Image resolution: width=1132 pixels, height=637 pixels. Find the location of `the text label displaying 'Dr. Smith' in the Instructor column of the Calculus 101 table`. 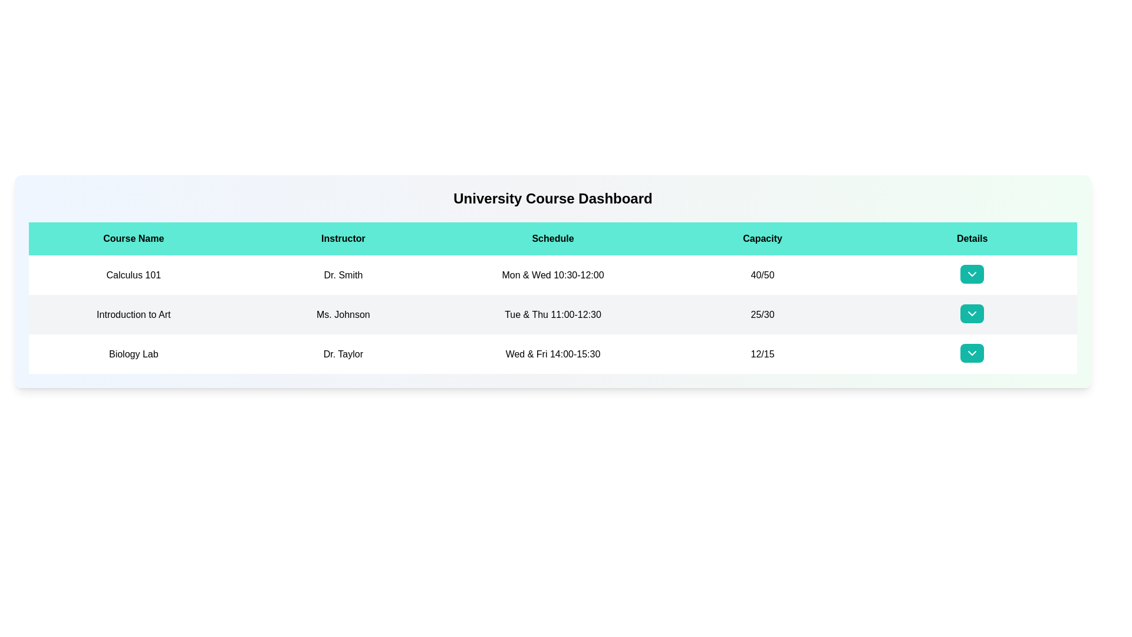

the text label displaying 'Dr. Smith' in the Instructor column of the Calculus 101 table is located at coordinates (343, 275).